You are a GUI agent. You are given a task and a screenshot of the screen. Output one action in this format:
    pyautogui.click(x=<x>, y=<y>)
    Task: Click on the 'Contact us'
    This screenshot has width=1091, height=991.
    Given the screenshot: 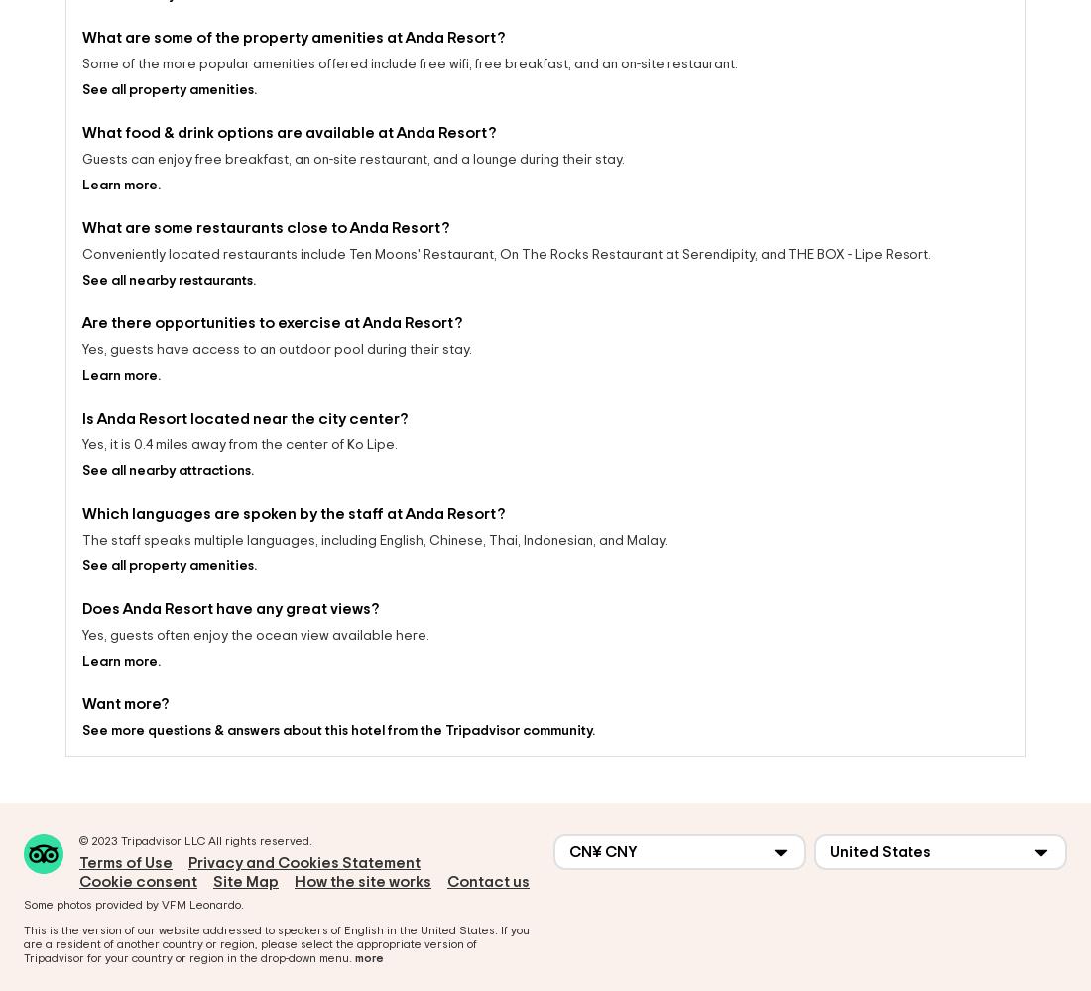 What is the action you would take?
    pyautogui.click(x=446, y=863)
    